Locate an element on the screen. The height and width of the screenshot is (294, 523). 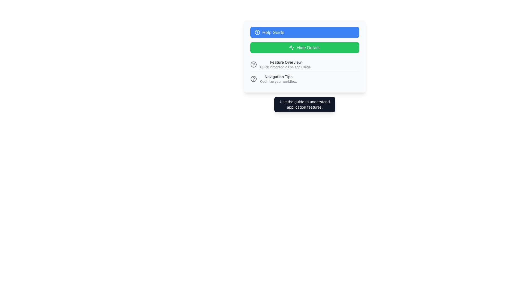
the text label located in the second list item of the vertically oriented menu, positioned below 'Feature Overview' and above 'Optimize your workflow', with a circular icon on its left is located at coordinates (278, 76).